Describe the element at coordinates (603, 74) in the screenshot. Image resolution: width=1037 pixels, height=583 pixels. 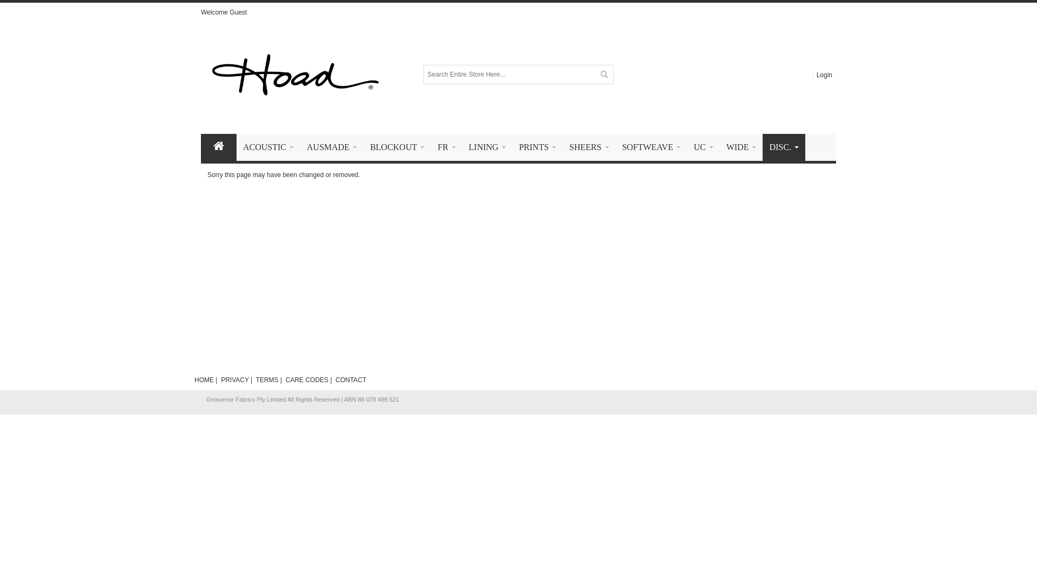
I see `'Search'` at that location.